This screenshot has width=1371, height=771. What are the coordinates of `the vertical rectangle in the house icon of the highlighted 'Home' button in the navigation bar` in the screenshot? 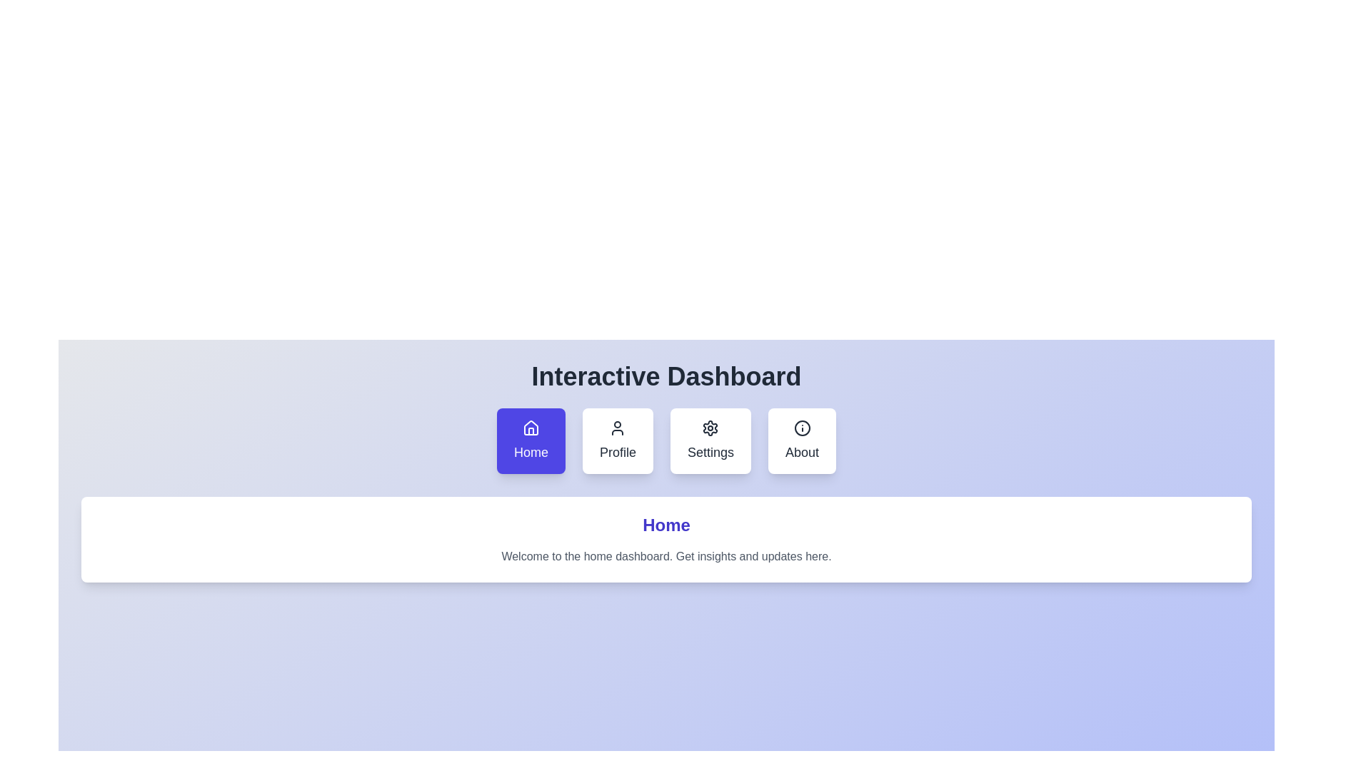 It's located at (531, 430).